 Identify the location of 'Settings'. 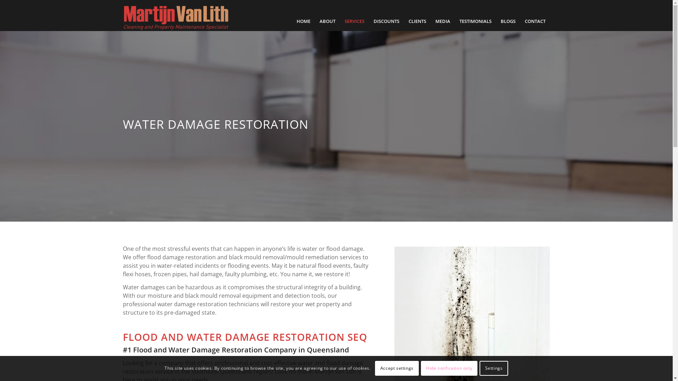
(480, 368).